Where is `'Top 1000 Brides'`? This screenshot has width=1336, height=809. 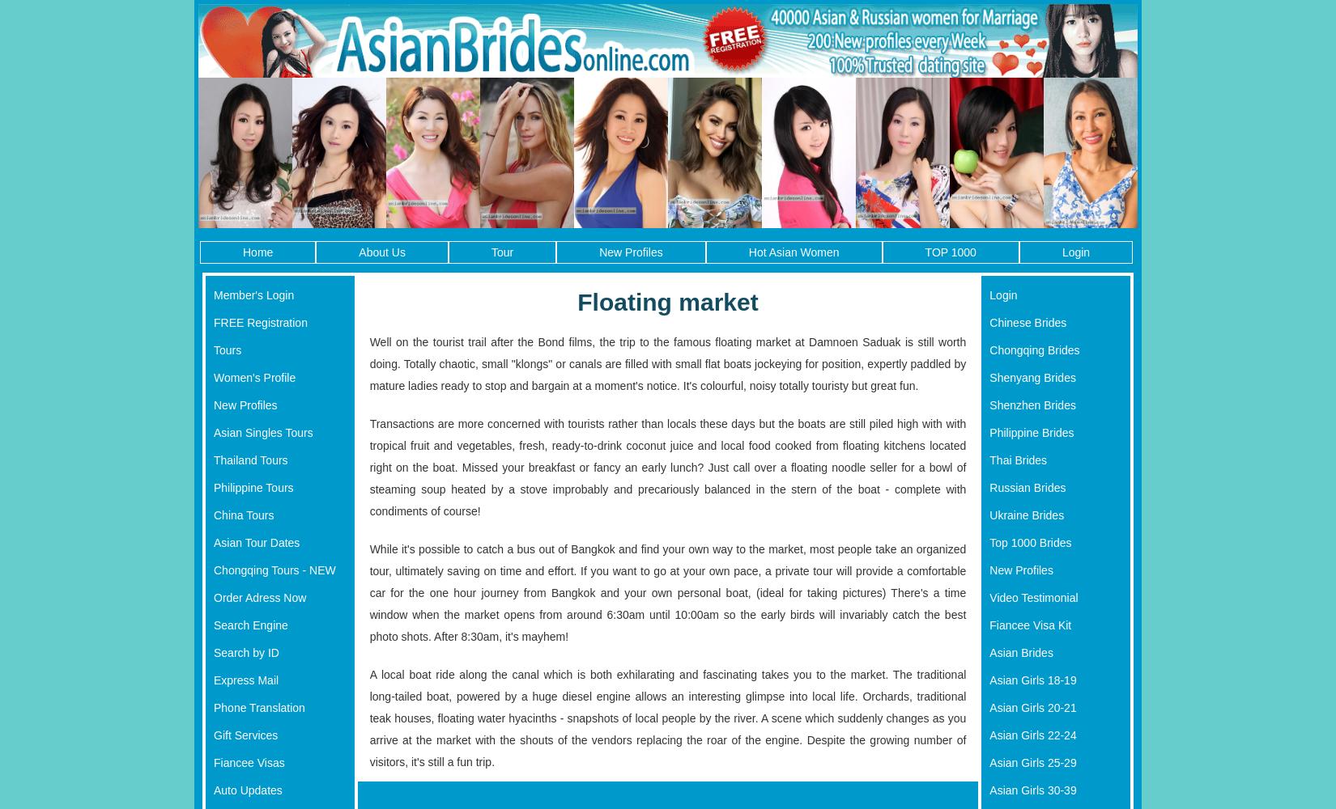
'Top 1000 Brides' is located at coordinates (989, 542).